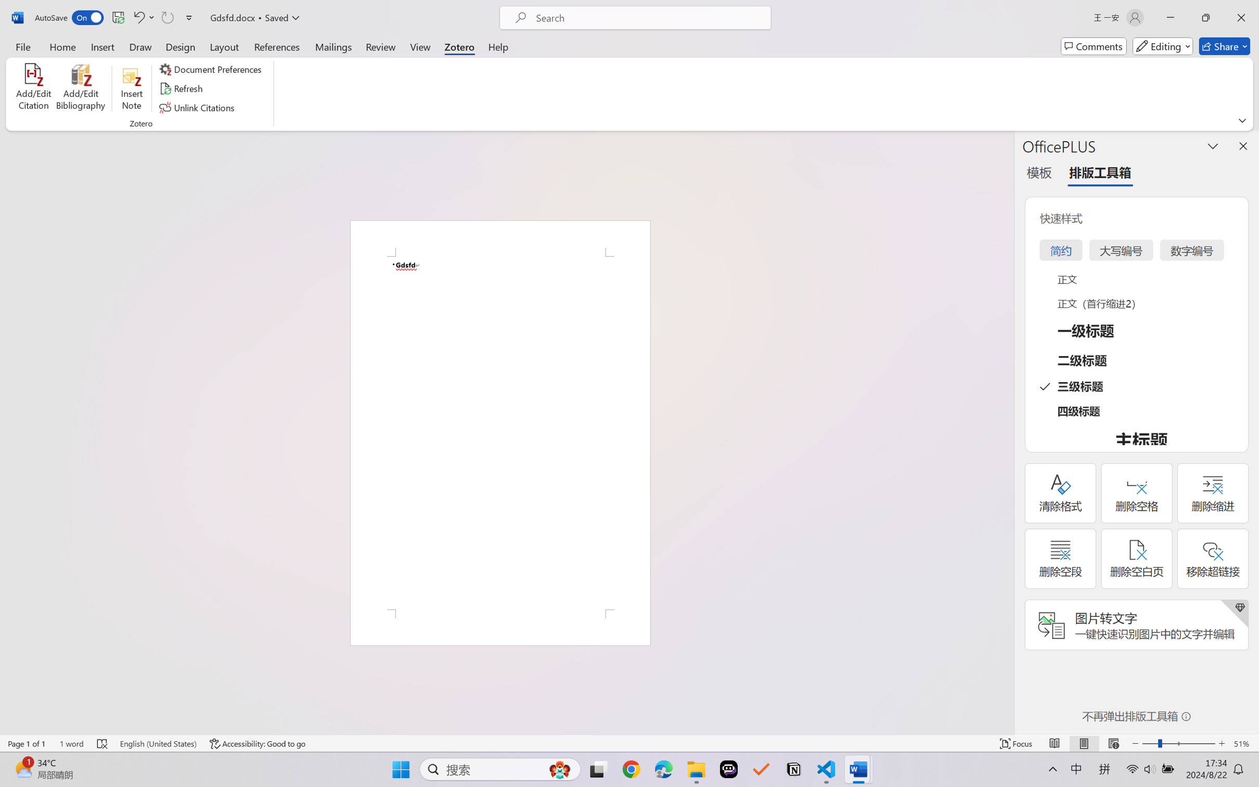  I want to click on 'Undo <ApplyStyleToDoc>b__0', so click(138, 17).